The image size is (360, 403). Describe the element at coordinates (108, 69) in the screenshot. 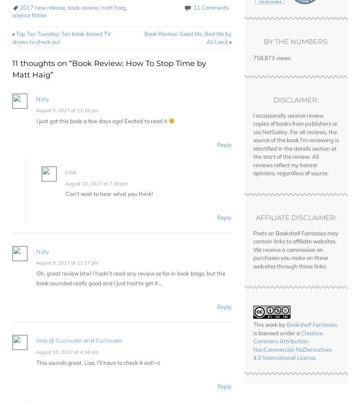

I see `'Book Review: How To Stop Time by Matt Haig'` at that location.